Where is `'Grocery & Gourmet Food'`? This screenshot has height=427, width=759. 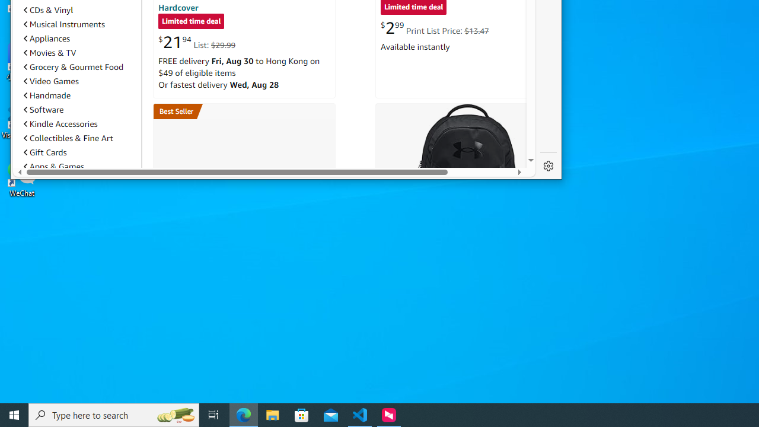 'Grocery & Gourmet Food' is located at coordinates (79, 67).